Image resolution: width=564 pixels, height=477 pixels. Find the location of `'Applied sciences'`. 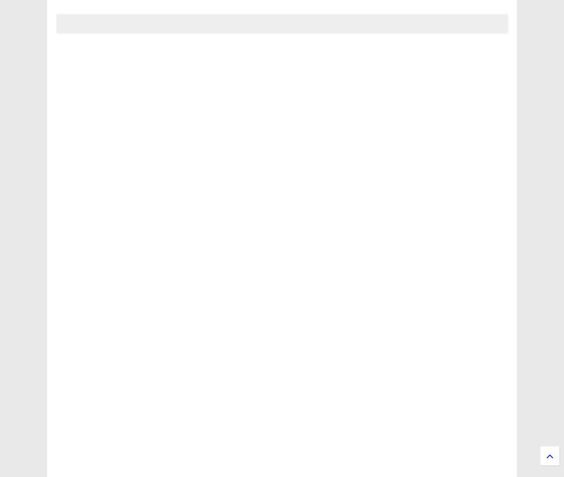

'Applied sciences' is located at coordinates (95, 449).